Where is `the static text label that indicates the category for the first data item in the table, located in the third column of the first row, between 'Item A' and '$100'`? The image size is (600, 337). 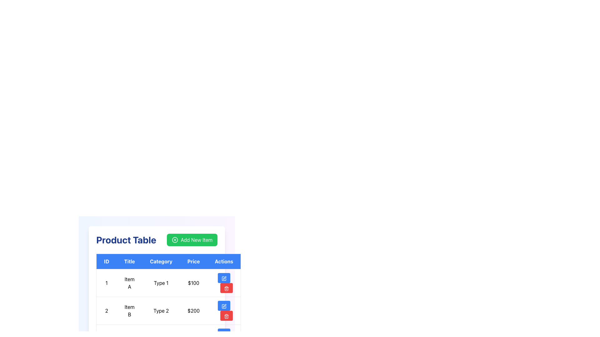
the static text label that indicates the category for the first data item in the table, located in the third column of the first row, between 'Item A' and '$100' is located at coordinates (161, 283).